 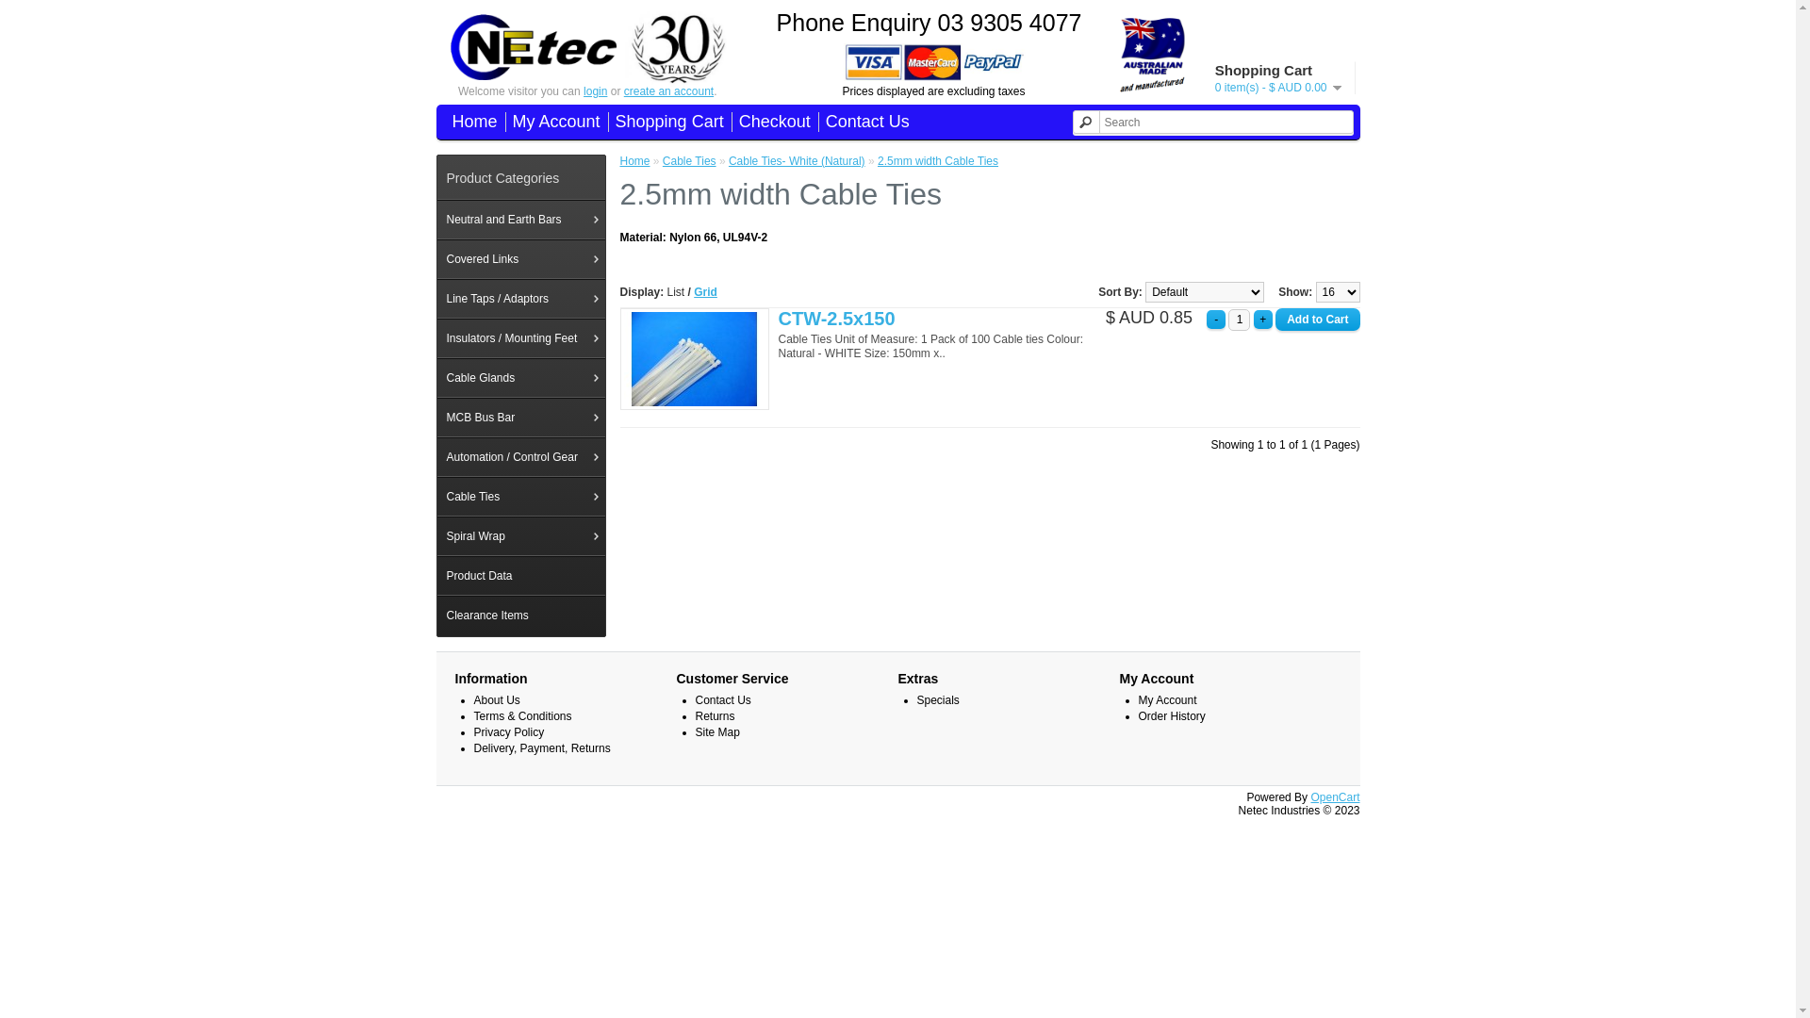 I want to click on 'over 30 years of production!', so click(x=677, y=47).